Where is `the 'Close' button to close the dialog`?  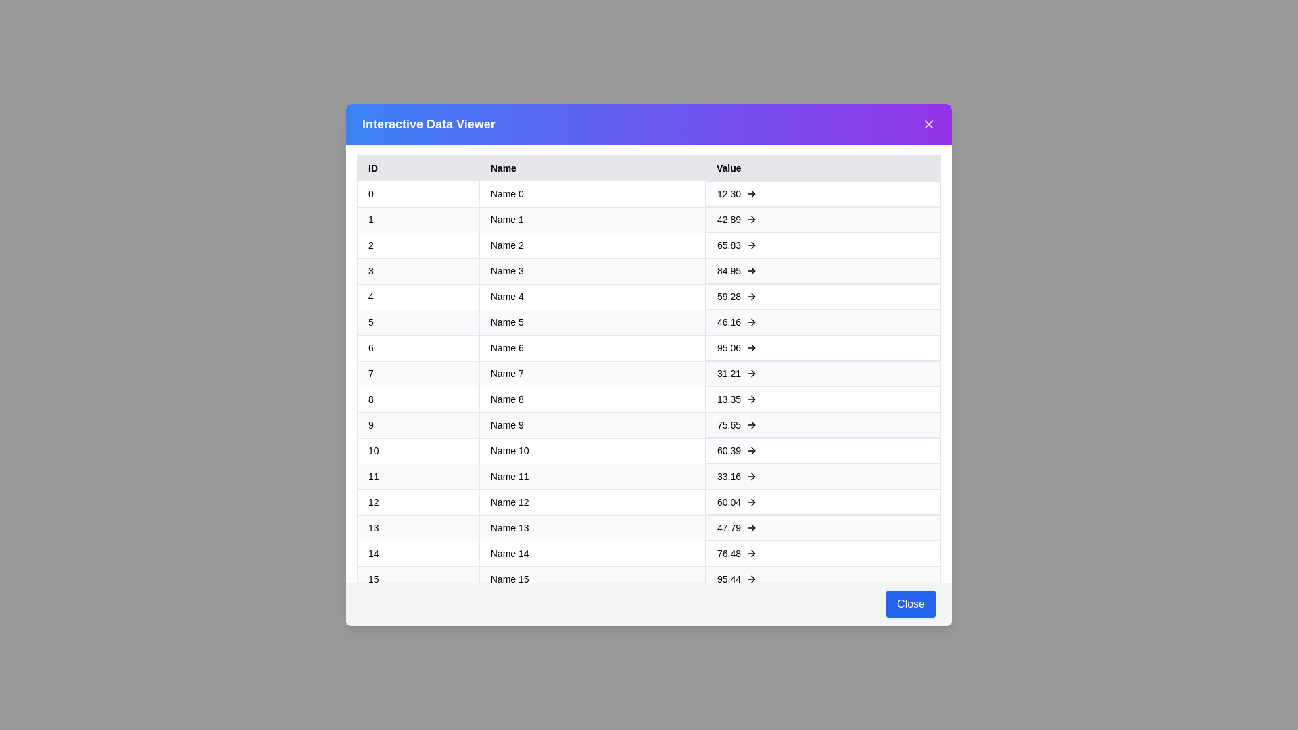 the 'Close' button to close the dialog is located at coordinates (911, 604).